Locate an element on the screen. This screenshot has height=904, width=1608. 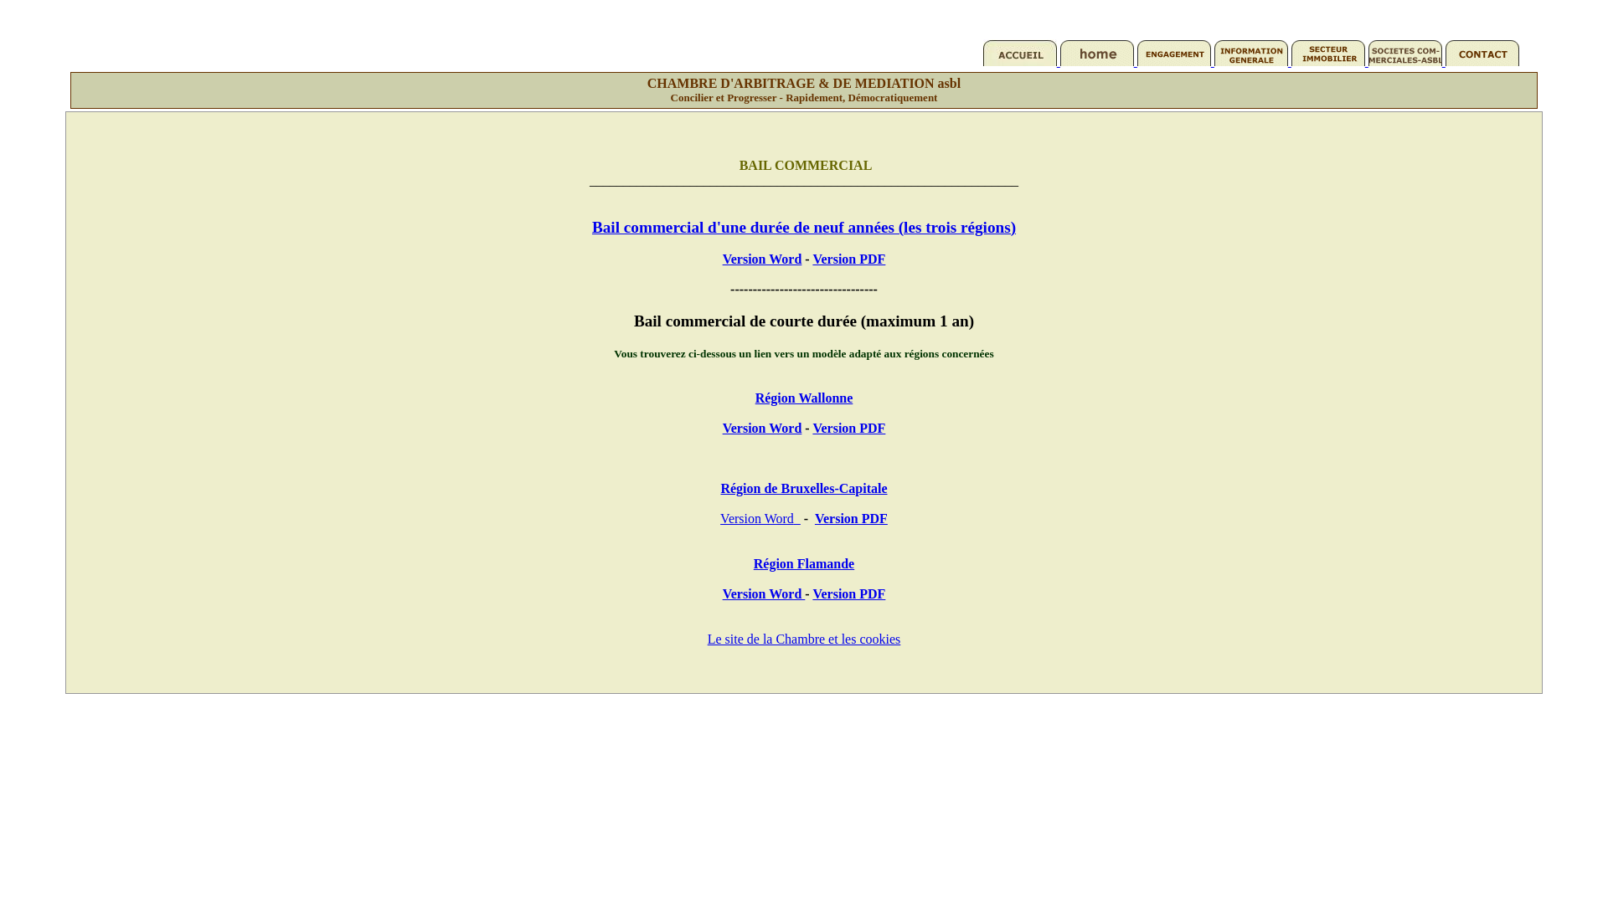
'Le site de la Chambre et les cookies' is located at coordinates (804, 639).